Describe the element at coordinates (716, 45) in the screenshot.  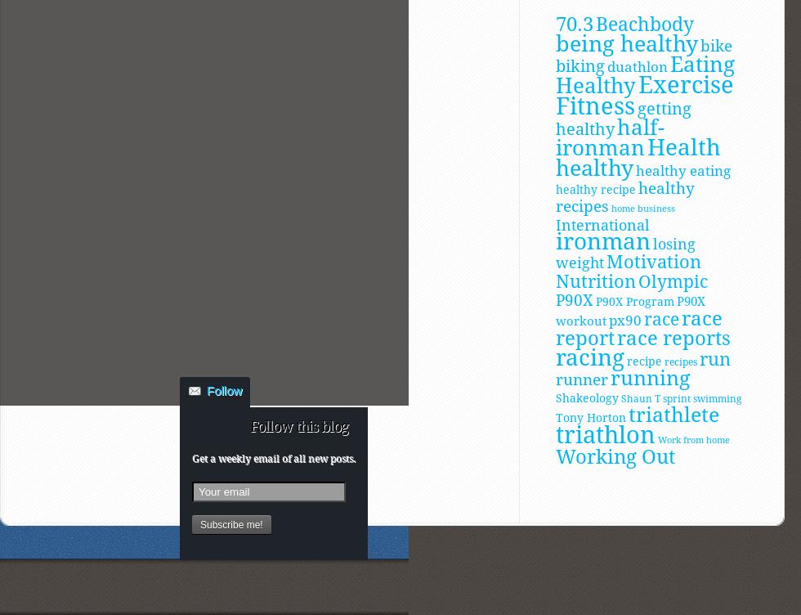
I see `'bike'` at that location.